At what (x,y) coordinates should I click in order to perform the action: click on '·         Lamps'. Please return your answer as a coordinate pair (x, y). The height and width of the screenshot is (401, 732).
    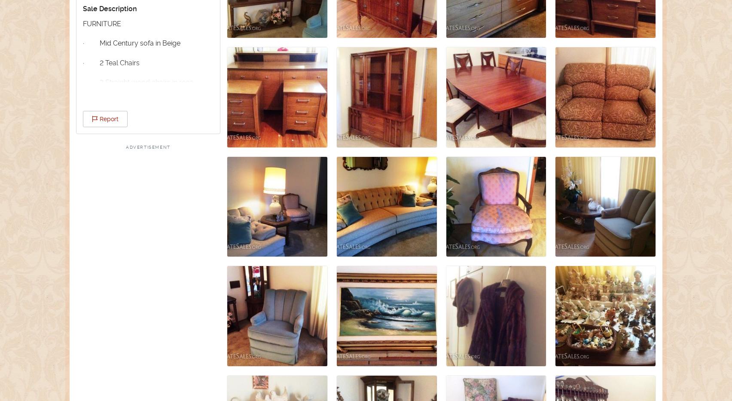
    Looking at the image, I should click on (102, 311).